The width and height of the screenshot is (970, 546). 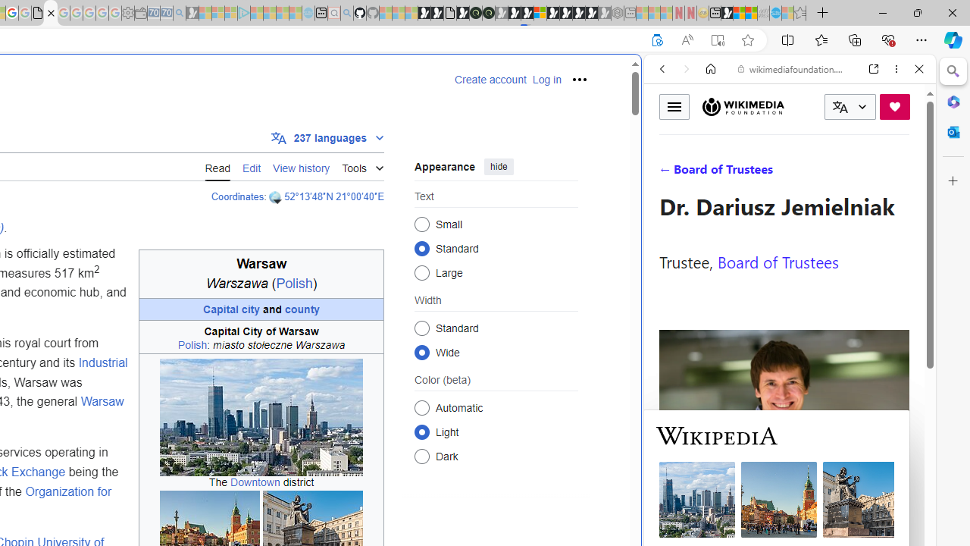 What do you see at coordinates (546, 80) in the screenshot?
I see `'Log in'` at bounding box center [546, 80].